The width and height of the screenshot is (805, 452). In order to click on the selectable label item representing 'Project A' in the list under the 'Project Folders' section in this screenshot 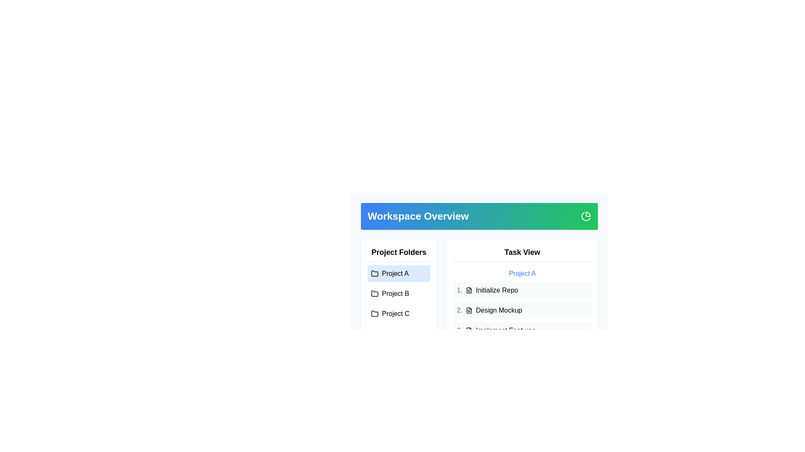, I will do `click(398, 274)`.